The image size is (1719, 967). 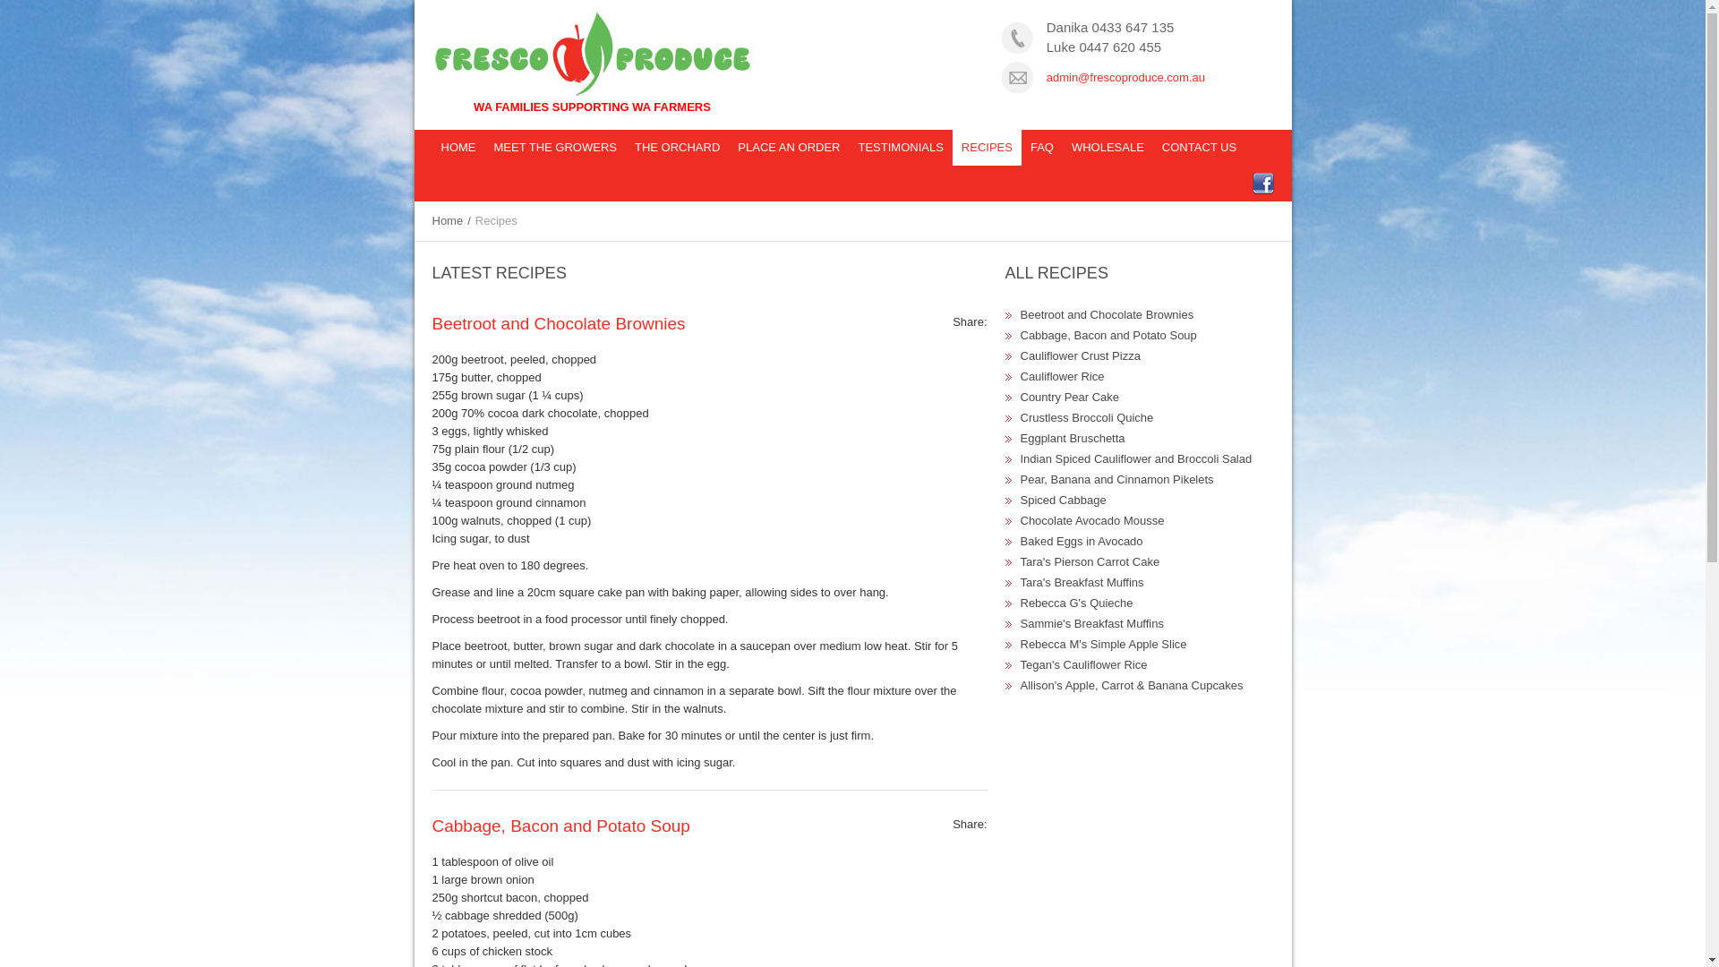 I want to click on 'Pear, Banana and Cinnamon Pikelets', so click(x=1116, y=478).